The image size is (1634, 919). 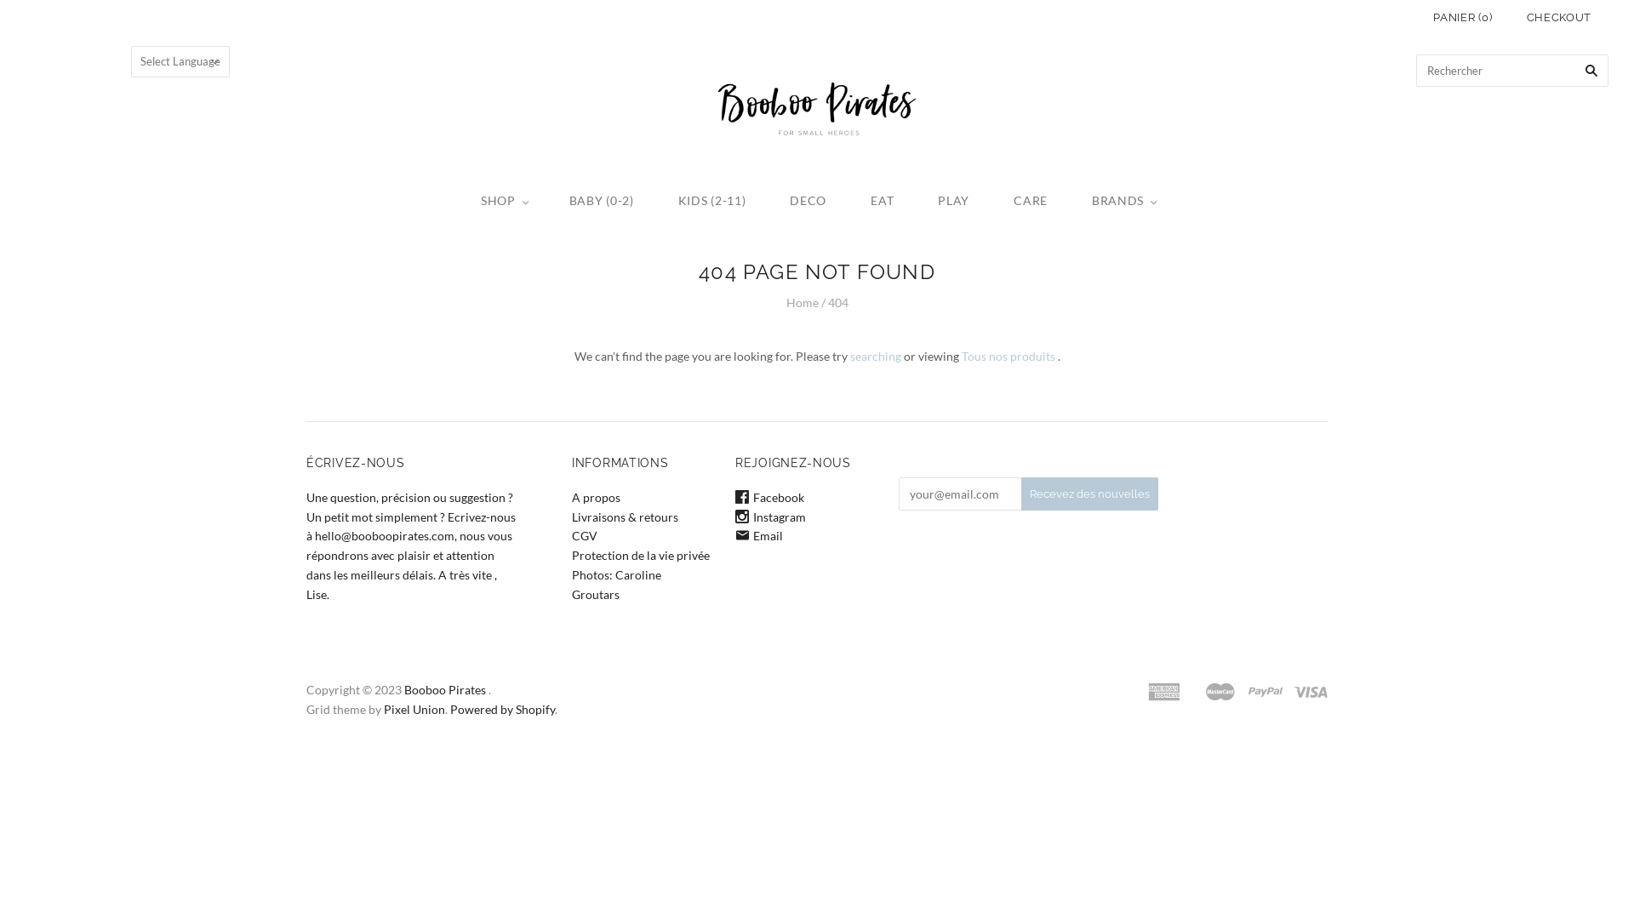 I want to click on 'DECO', so click(x=807, y=200).